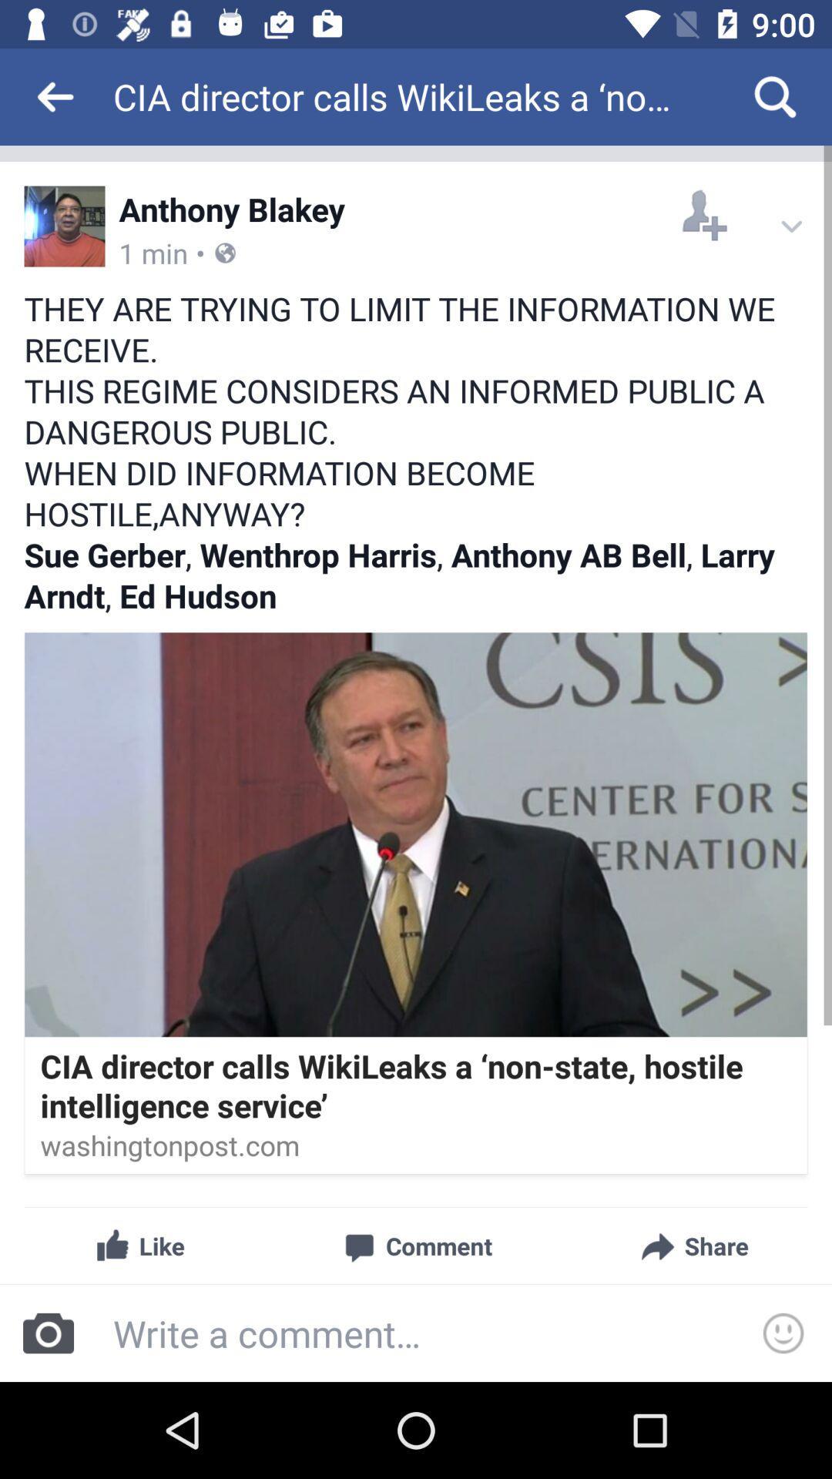 This screenshot has width=832, height=1479. I want to click on the emoji icon, so click(783, 1333).